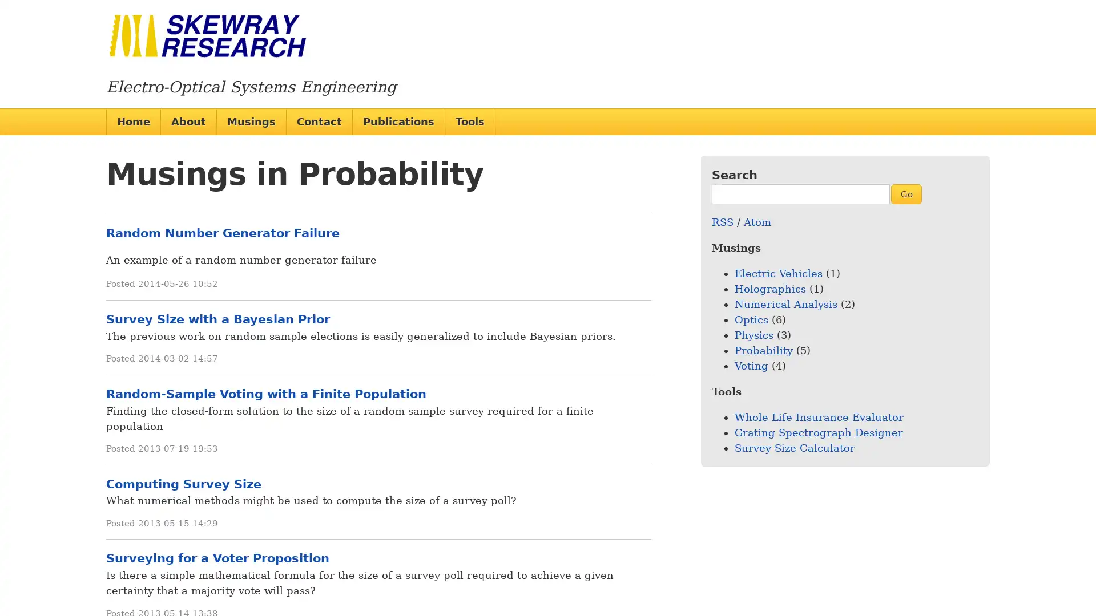  Describe the element at coordinates (905, 193) in the screenshot. I see `Go` at that location.